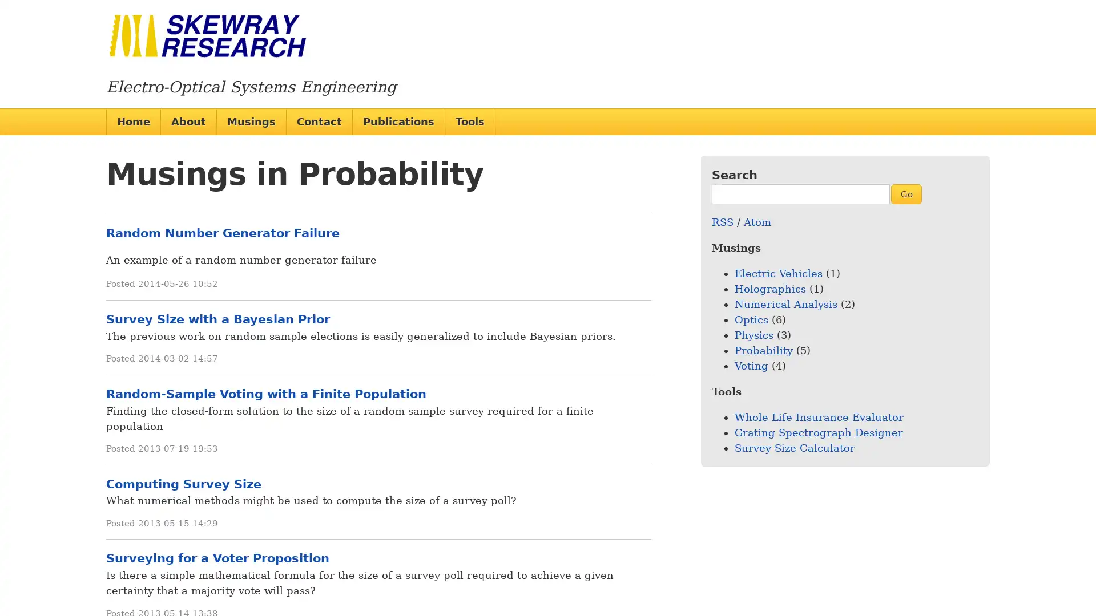  Describe the element at coordinates (905, 193) in the screenshot. I see `Go` at that location.